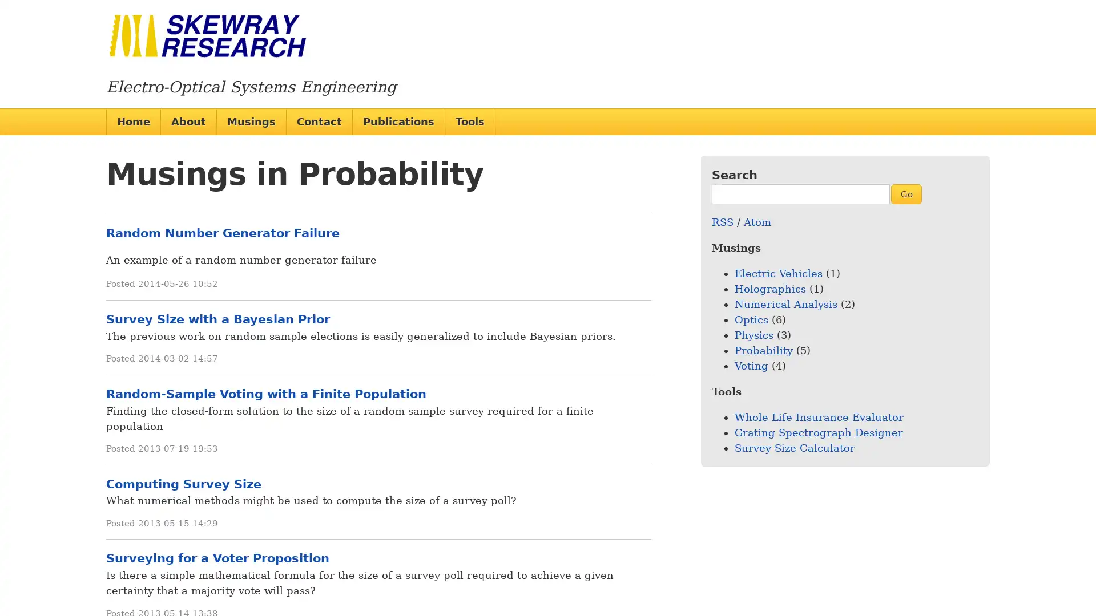  Describe the element at coordinates (905, 193) in the screenshot. I see `Go` at that location.